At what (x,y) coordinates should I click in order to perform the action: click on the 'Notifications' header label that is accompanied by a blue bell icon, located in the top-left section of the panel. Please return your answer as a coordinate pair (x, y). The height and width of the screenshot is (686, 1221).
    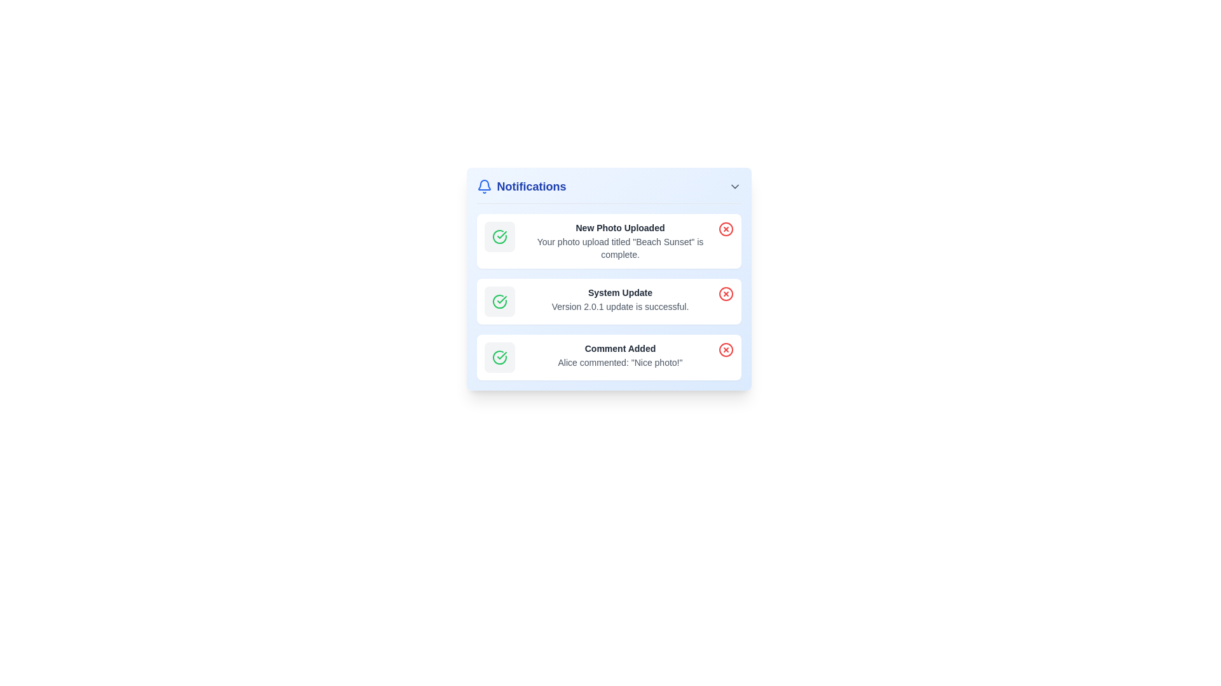
    Looking at the image, I should click on (521, 186).